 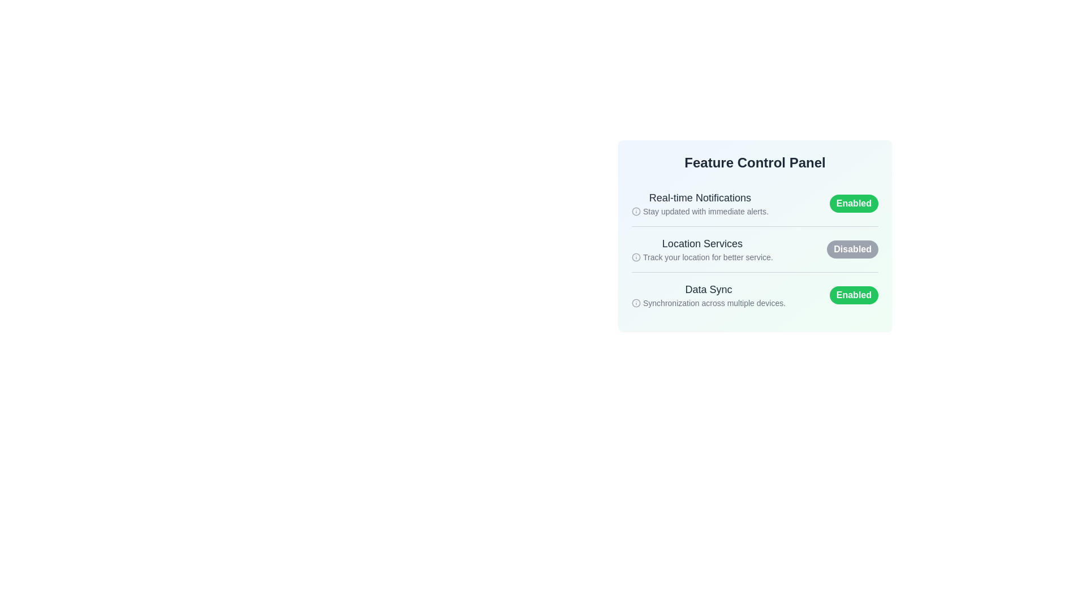 I want to click on the toggle button for the 'Real-time Notifications' feature, so click(x=854, y=203).